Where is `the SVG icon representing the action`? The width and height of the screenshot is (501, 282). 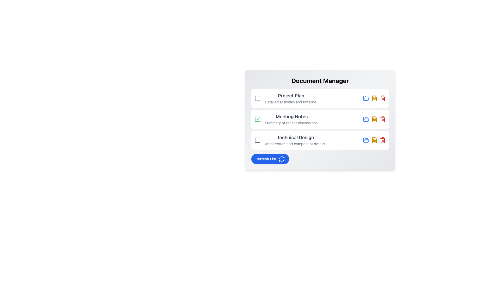 the SVG icon representing the action is located at coordinates (366, 98).